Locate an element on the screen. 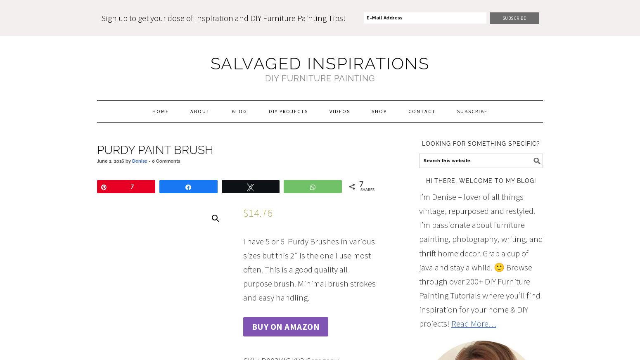 The width and height of the screenshot is (640, 360). 'Shop' is located at coordinates (371, 110).